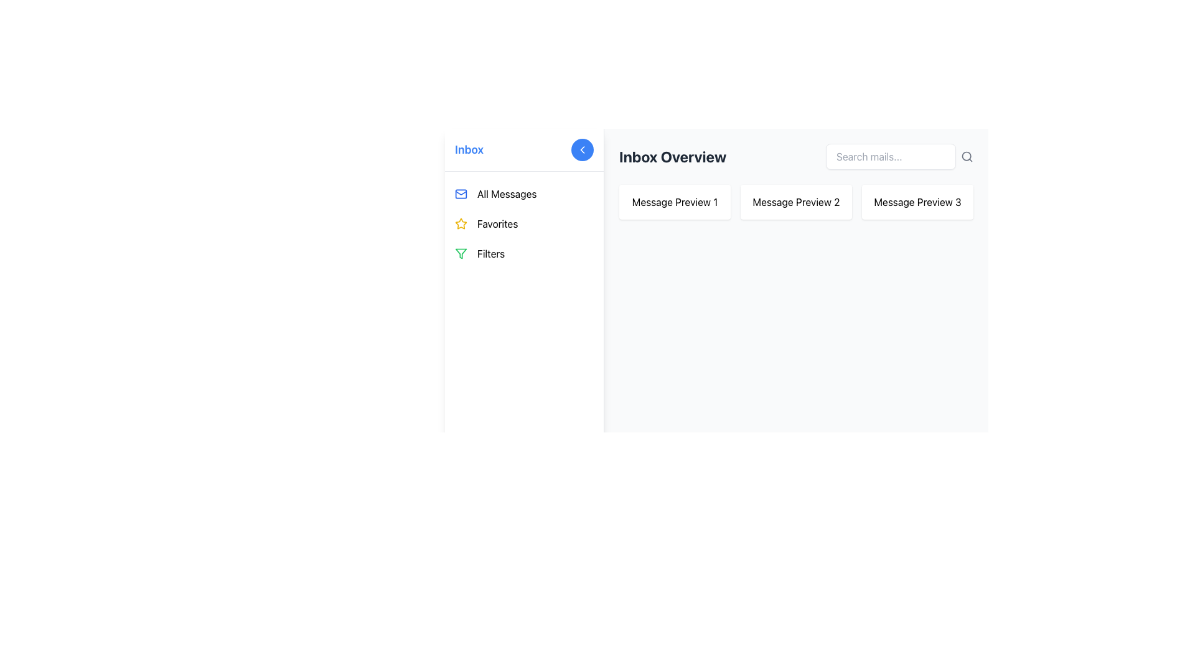 The width and height of the screenshot is (1195, 672). I want to click on the blue envelope icon located to the left of the 'All Messages' text in the navigation list, so click(460, 194).